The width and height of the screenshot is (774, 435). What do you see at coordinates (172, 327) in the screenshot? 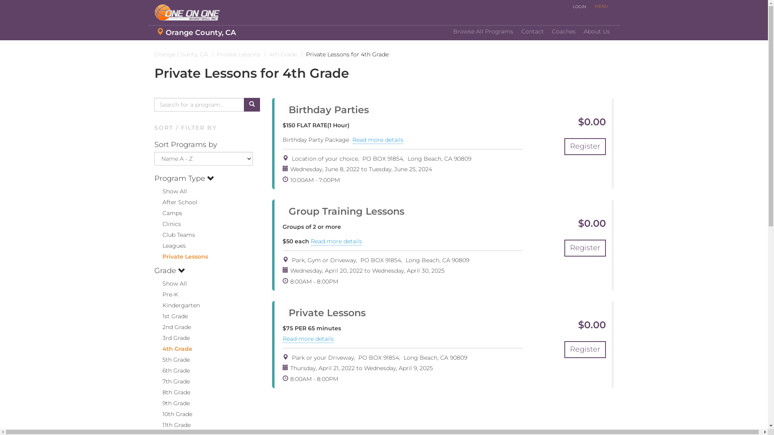
I see `'2nd Grade'` at bounding box center [172, 327].